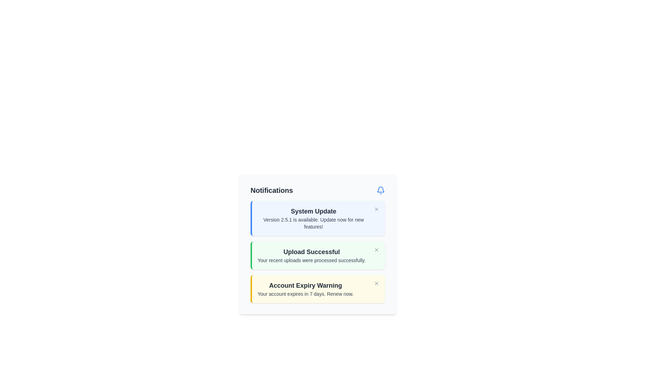 This screenshot has height=378, width=672. Describe the element at coordinates (306, 286) in the screenshot. I see `the text heading styled in a larger font size with bold weight, located within a yellow-tinted notification box, which is the last notification block in the notifications panel` at that location.